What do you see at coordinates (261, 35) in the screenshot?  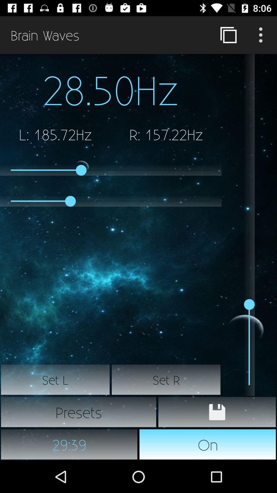 I see `page options` at bounding box center [261, 35].